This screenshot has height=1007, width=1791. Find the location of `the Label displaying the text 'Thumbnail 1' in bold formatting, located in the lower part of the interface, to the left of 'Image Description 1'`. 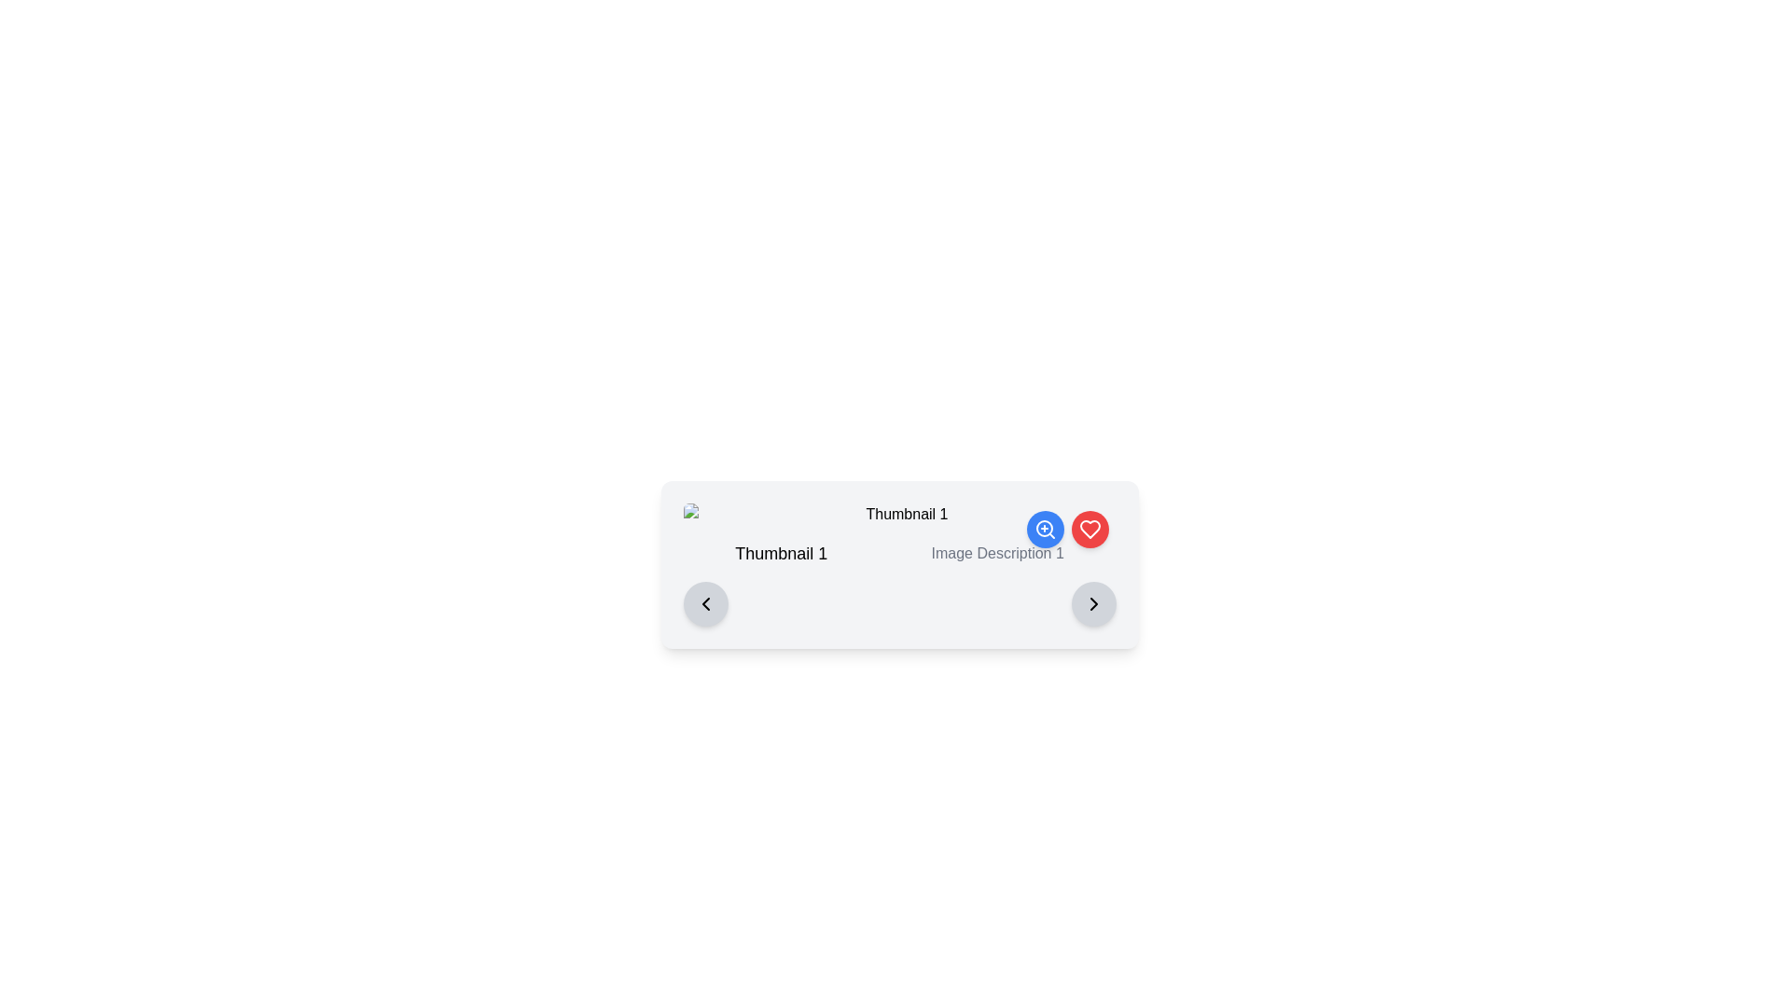

the Label displaying the text 'Thumbnail 1' in bold formatting, located in the lower part of the interface, to the left of 'Image Description 1' is located at coordinates (781, 553).